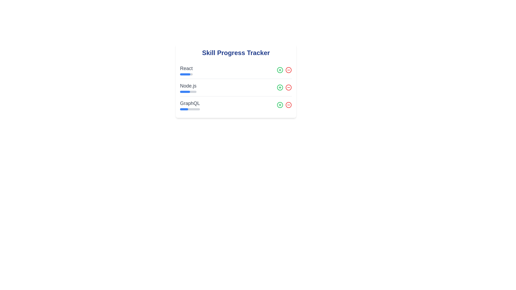  Describe the element at coordinates (279, 87) in the screenshot. I see `'+' button for the skill Node.js to increase its progress` at that location.